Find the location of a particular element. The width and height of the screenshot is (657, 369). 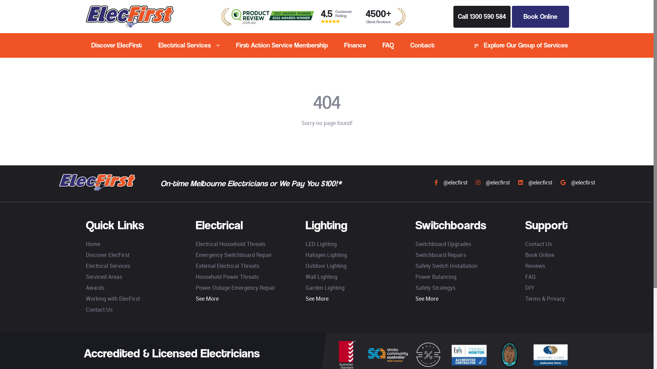

'Wall Lighting' is located at coordinates (321, 277).